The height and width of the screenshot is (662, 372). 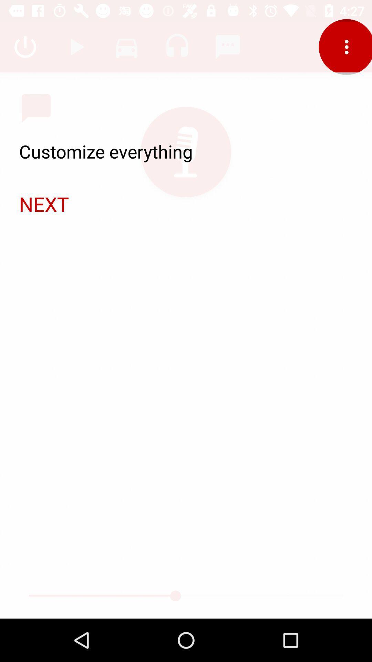 What do you see at coordinates (347, 47) in the screenshot?
I see `the more icon` at bounding box center [347, 47].